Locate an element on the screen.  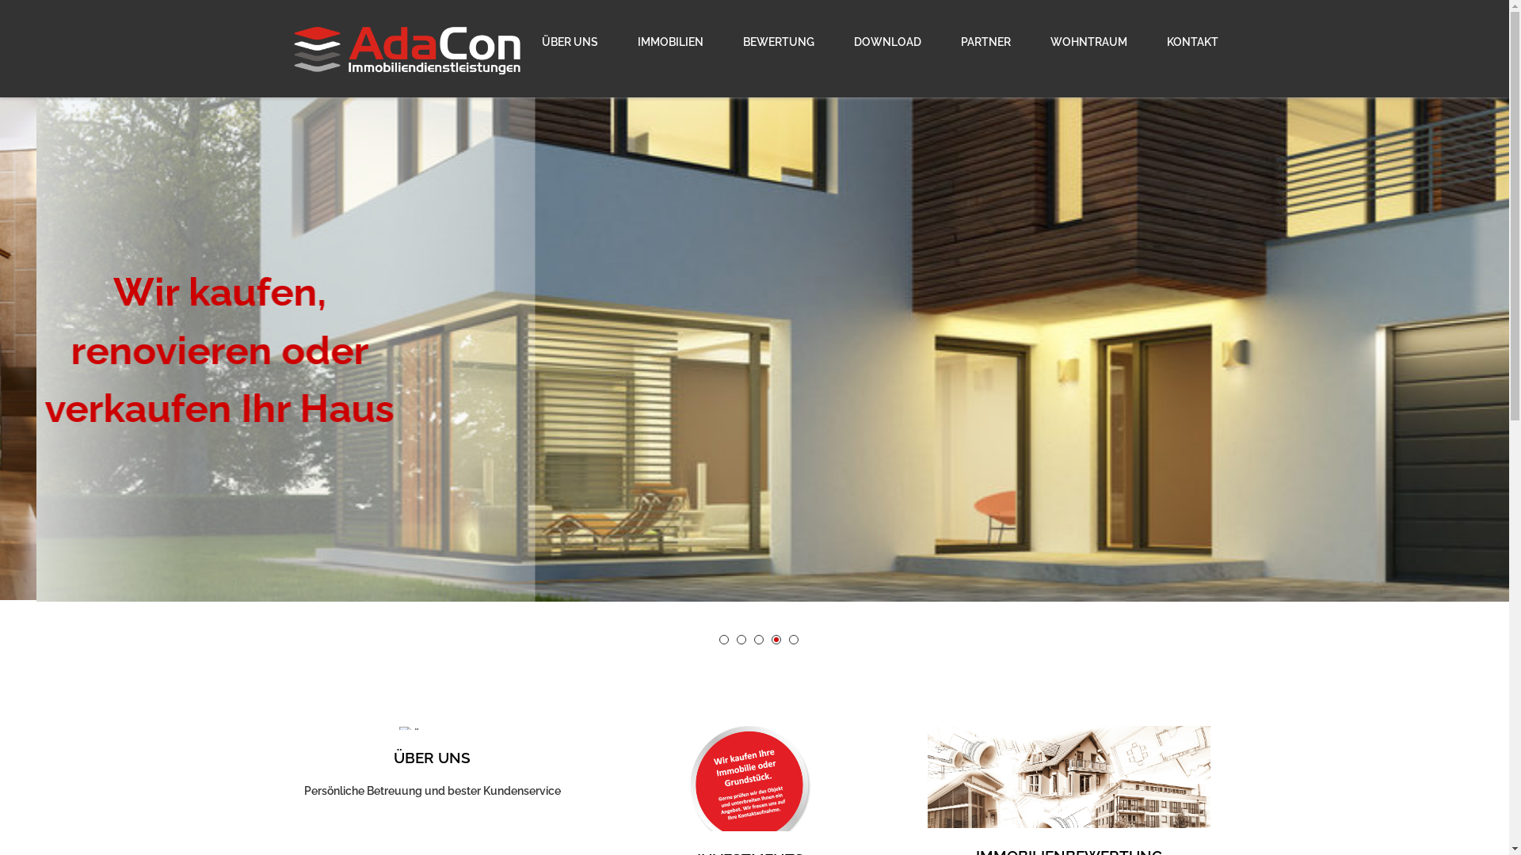
'KONTAKT' is located at coordinates (1183, 41).